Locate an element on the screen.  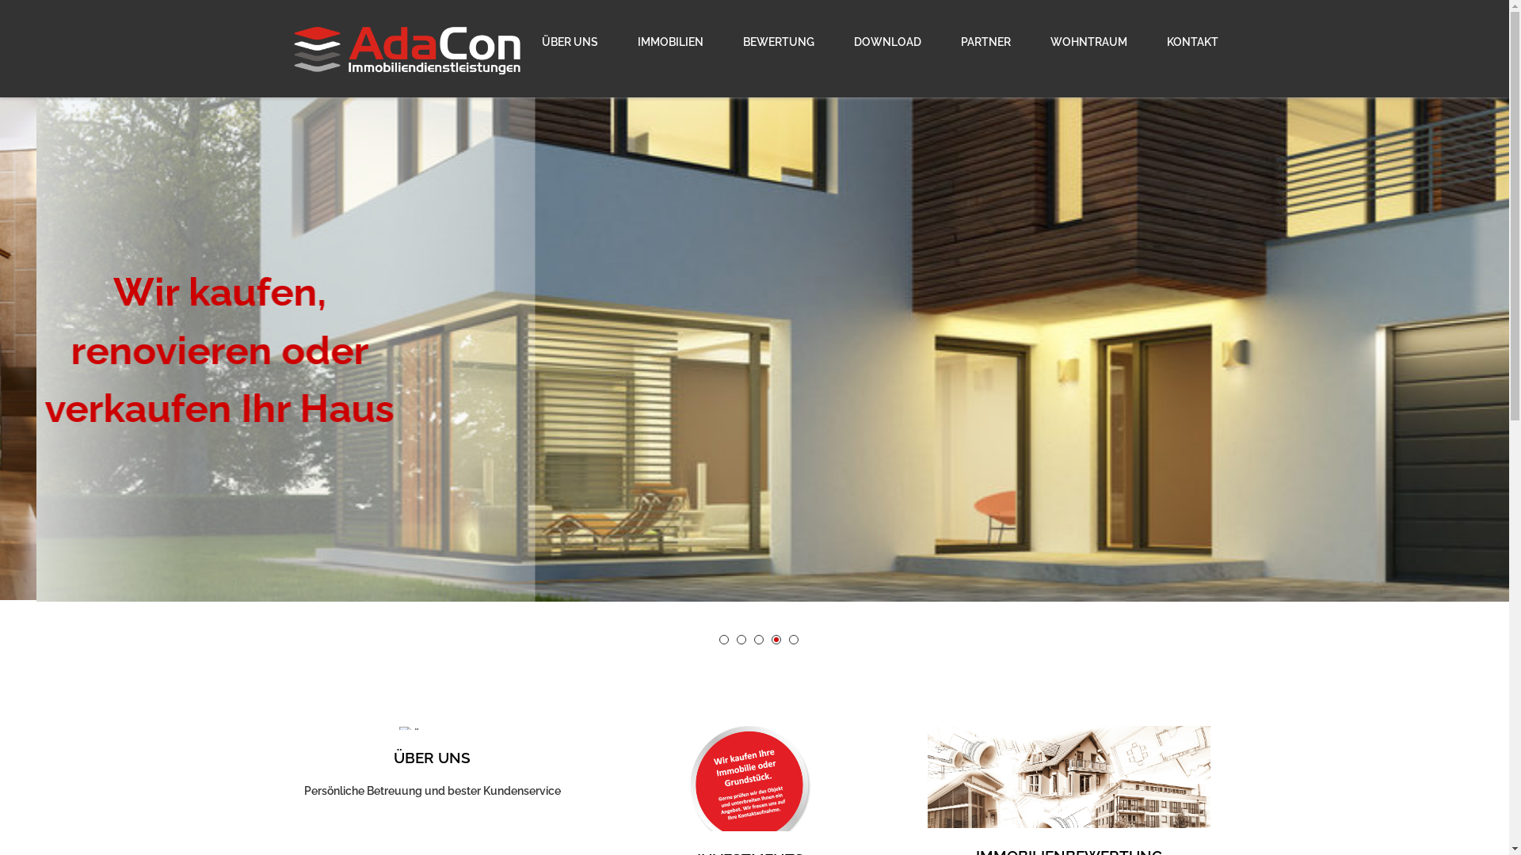
'KONTAKT' is located at coordinates (1183, 41).